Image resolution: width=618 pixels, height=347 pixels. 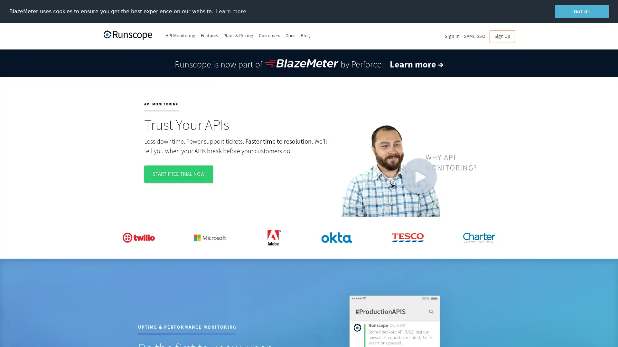 What do you see at coordinates (231, 11) in the screenshot?
I see `learn more about cookies` at bounding box center [231, 11].